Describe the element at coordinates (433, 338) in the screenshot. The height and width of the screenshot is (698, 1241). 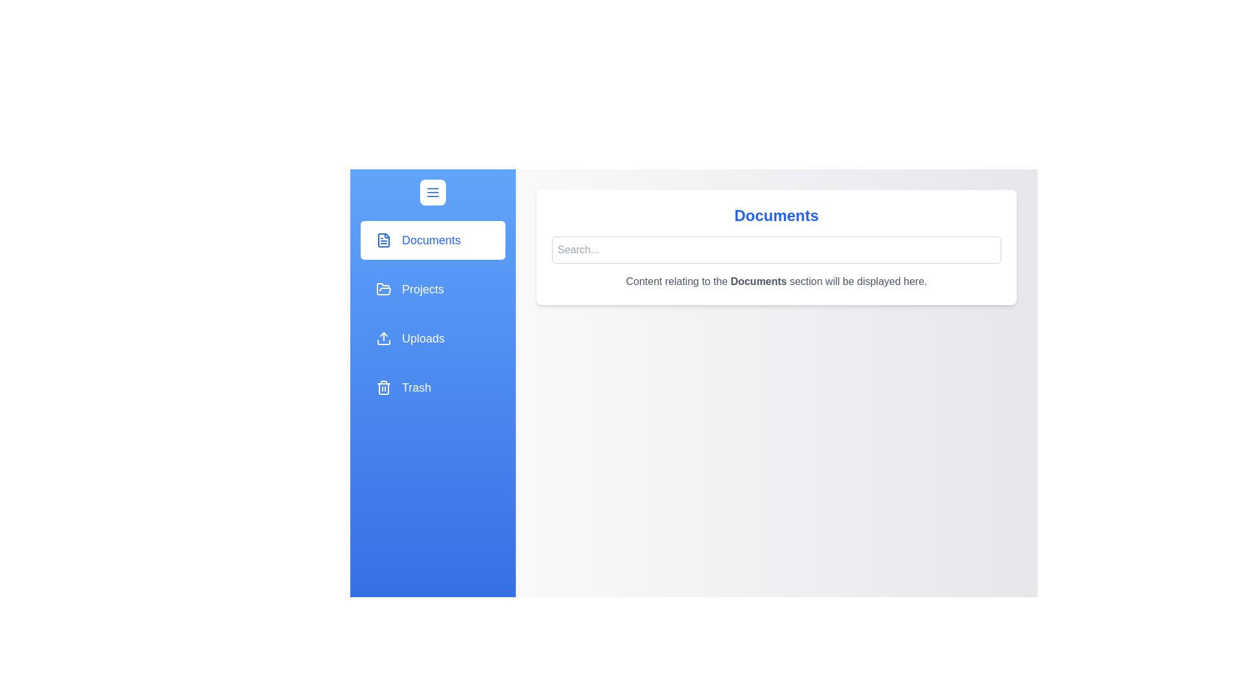
I see `the section Uploads from the list` at that location.